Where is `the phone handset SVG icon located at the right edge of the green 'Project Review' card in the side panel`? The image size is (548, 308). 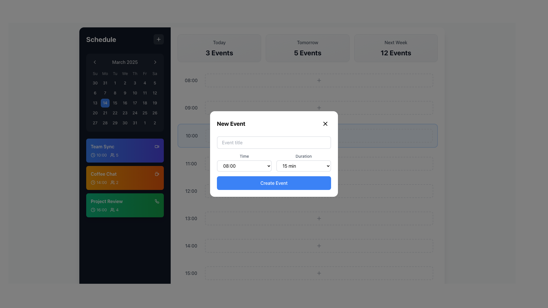
the phone handset SVG icon located at the right edge of the green 'Project Review' card in the side panel is located at coordinates (157, 201).